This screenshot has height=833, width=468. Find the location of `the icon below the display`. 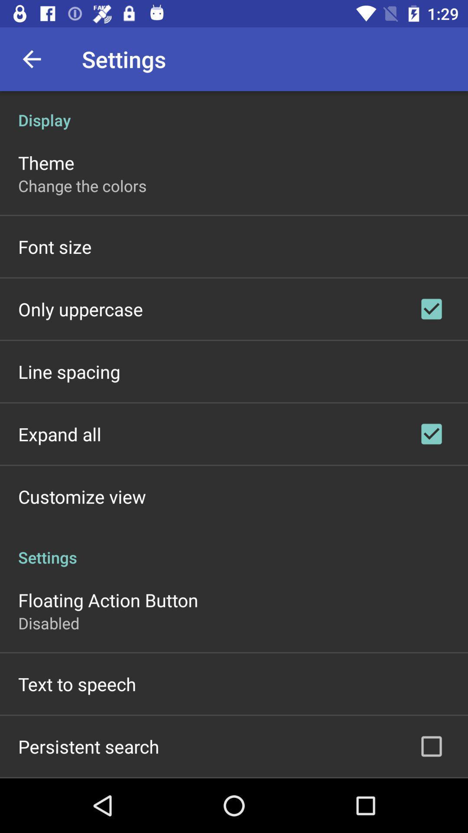

the icon below the display is located at coordinates (46, 162).